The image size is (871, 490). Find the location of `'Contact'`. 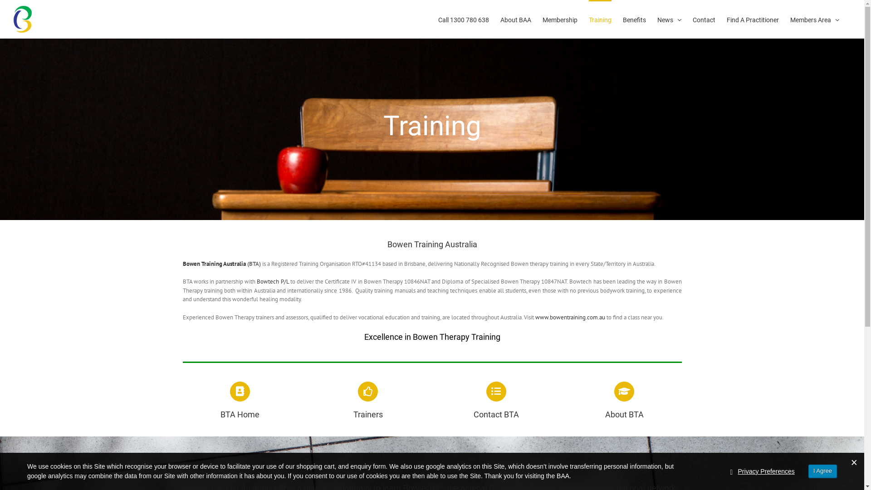

'Contact' is located at coordinates (692, 19).